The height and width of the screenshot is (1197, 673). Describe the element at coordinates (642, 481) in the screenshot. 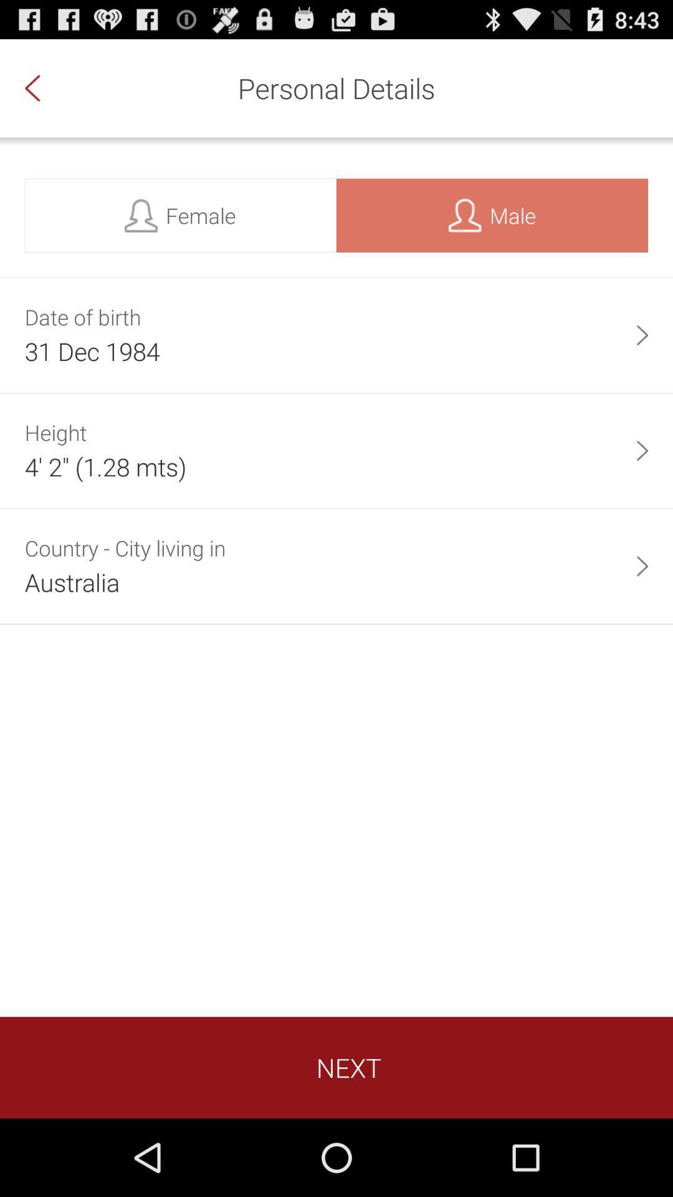

I see `the play icon` at that location.